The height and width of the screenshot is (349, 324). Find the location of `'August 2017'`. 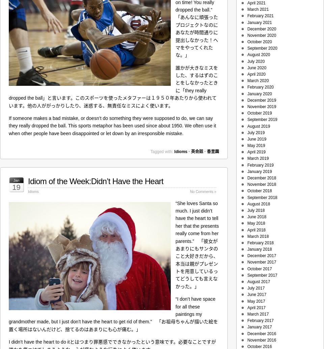

'August 2017' is located at coordinates (258, 282).